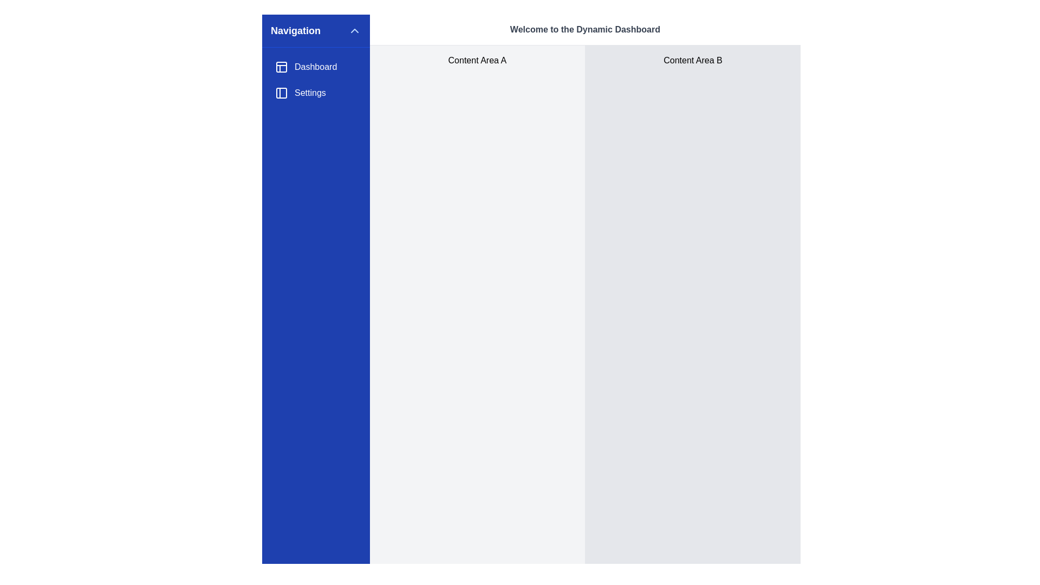 Image resolution: width=1040 pixels, height=585 pixels. I want to click on the 'Navigation' header section at the top of the blue sidebar, so click(315, 30).